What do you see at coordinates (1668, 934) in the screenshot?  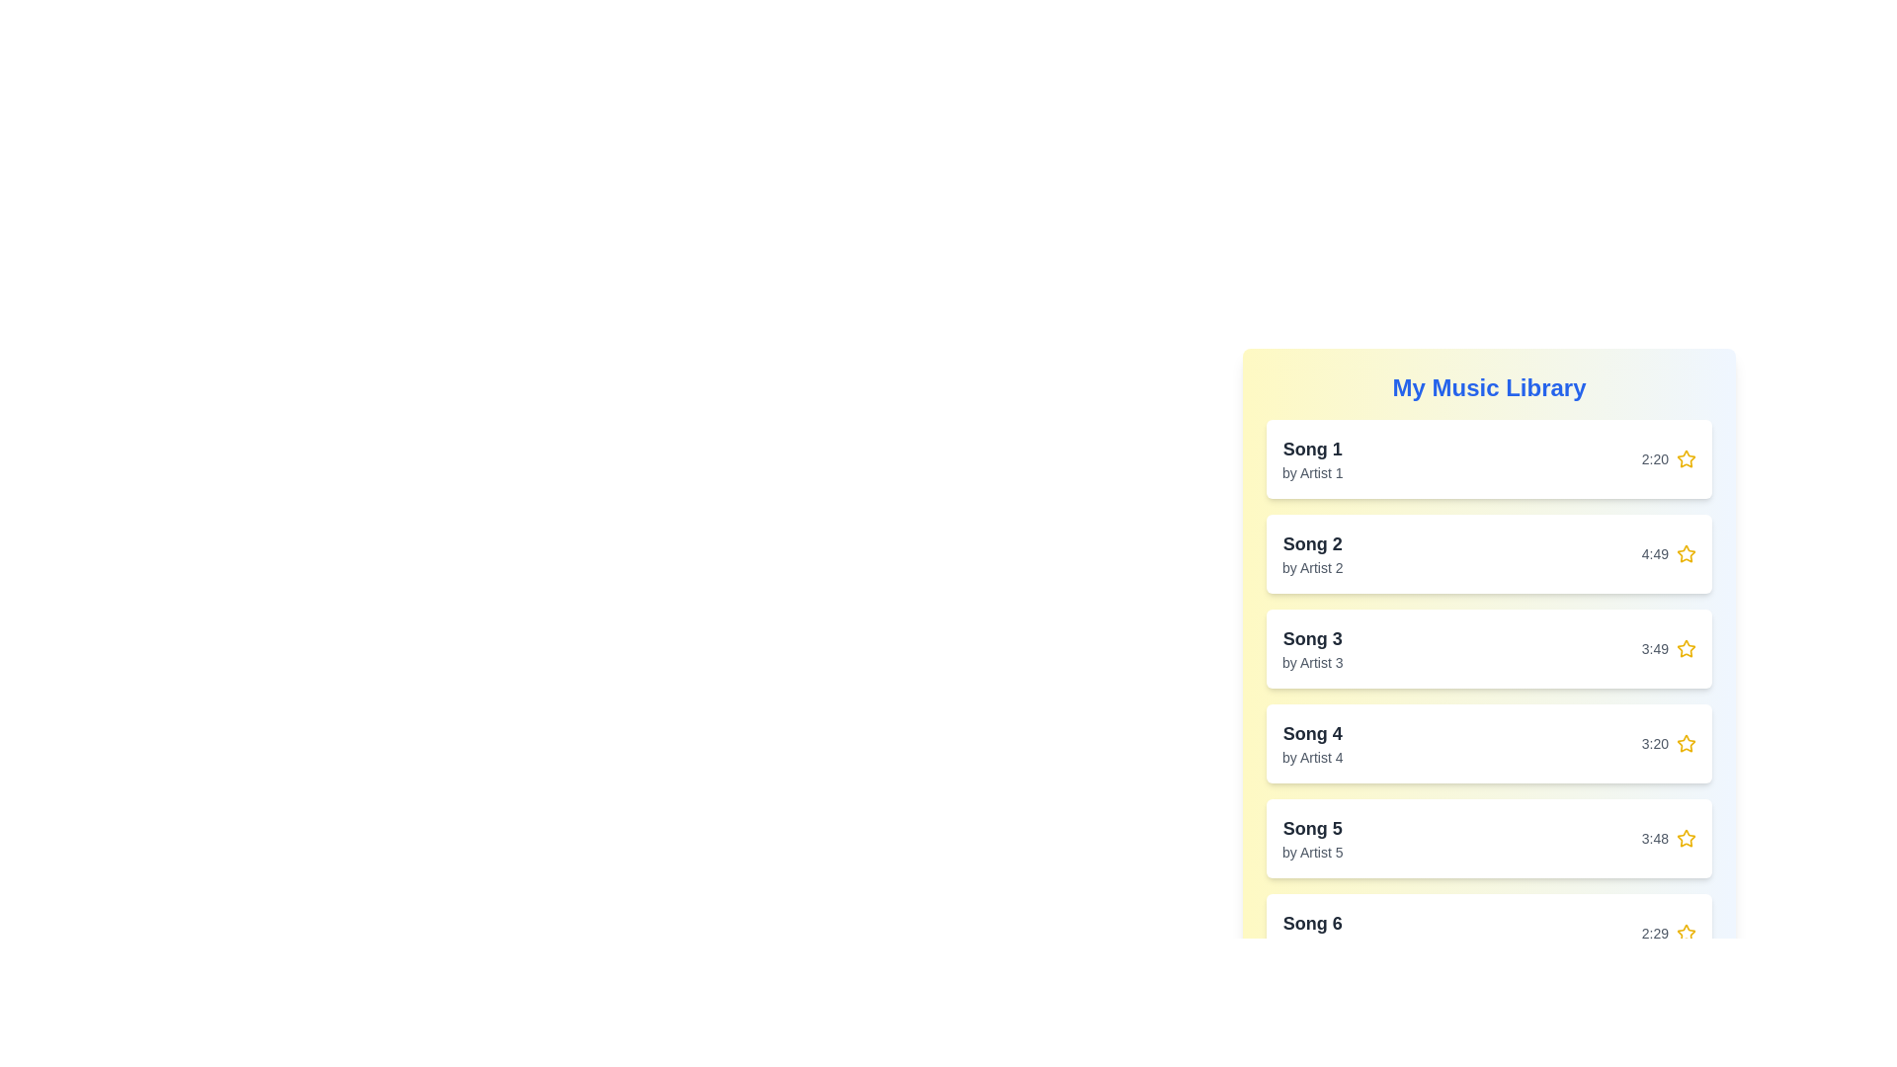 I see `the yellow star icon next to the time indicator '2:29' at the bottom-right corner of the 'Song 6' listing card in the music library interface` at bounding box center [1668, 934].